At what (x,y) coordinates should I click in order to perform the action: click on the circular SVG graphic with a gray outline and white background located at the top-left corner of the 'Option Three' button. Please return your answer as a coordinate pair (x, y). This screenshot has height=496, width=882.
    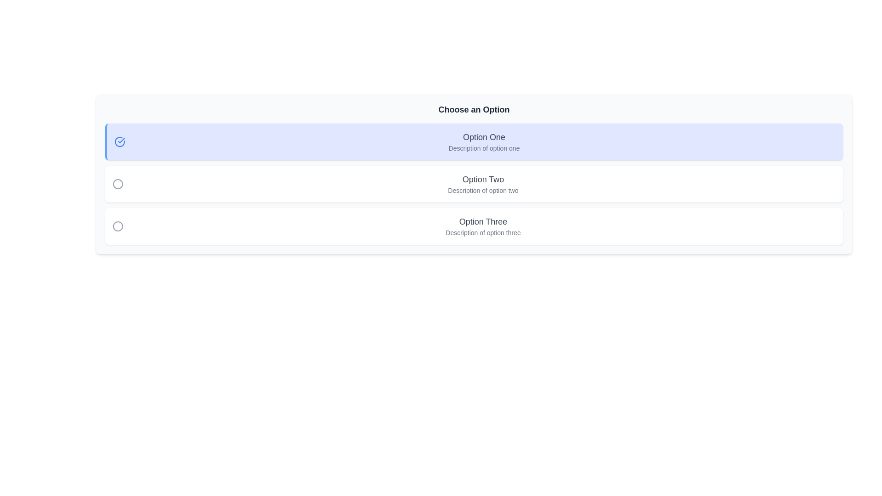
    Looking at the image, I should click on (118, 226).